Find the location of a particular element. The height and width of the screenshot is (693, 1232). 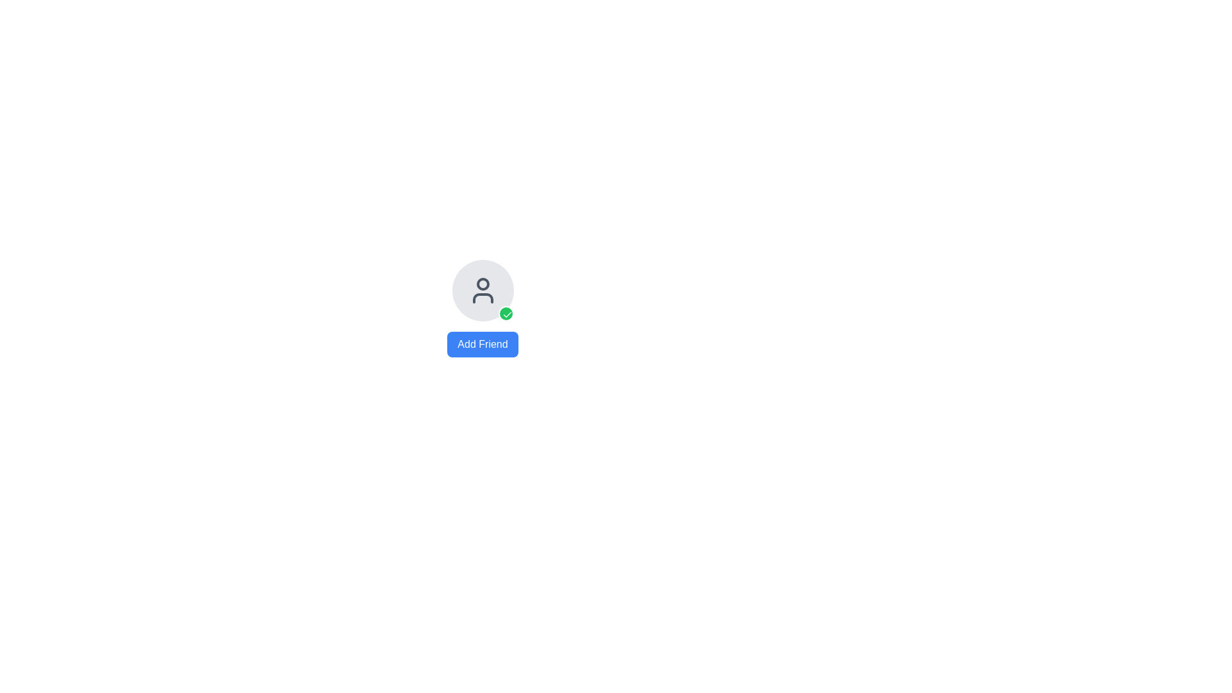

the status indicator located at the bottom-right corner of the circular avatar icon, which visually represents online or verified status is located at coordinates (505, 314).